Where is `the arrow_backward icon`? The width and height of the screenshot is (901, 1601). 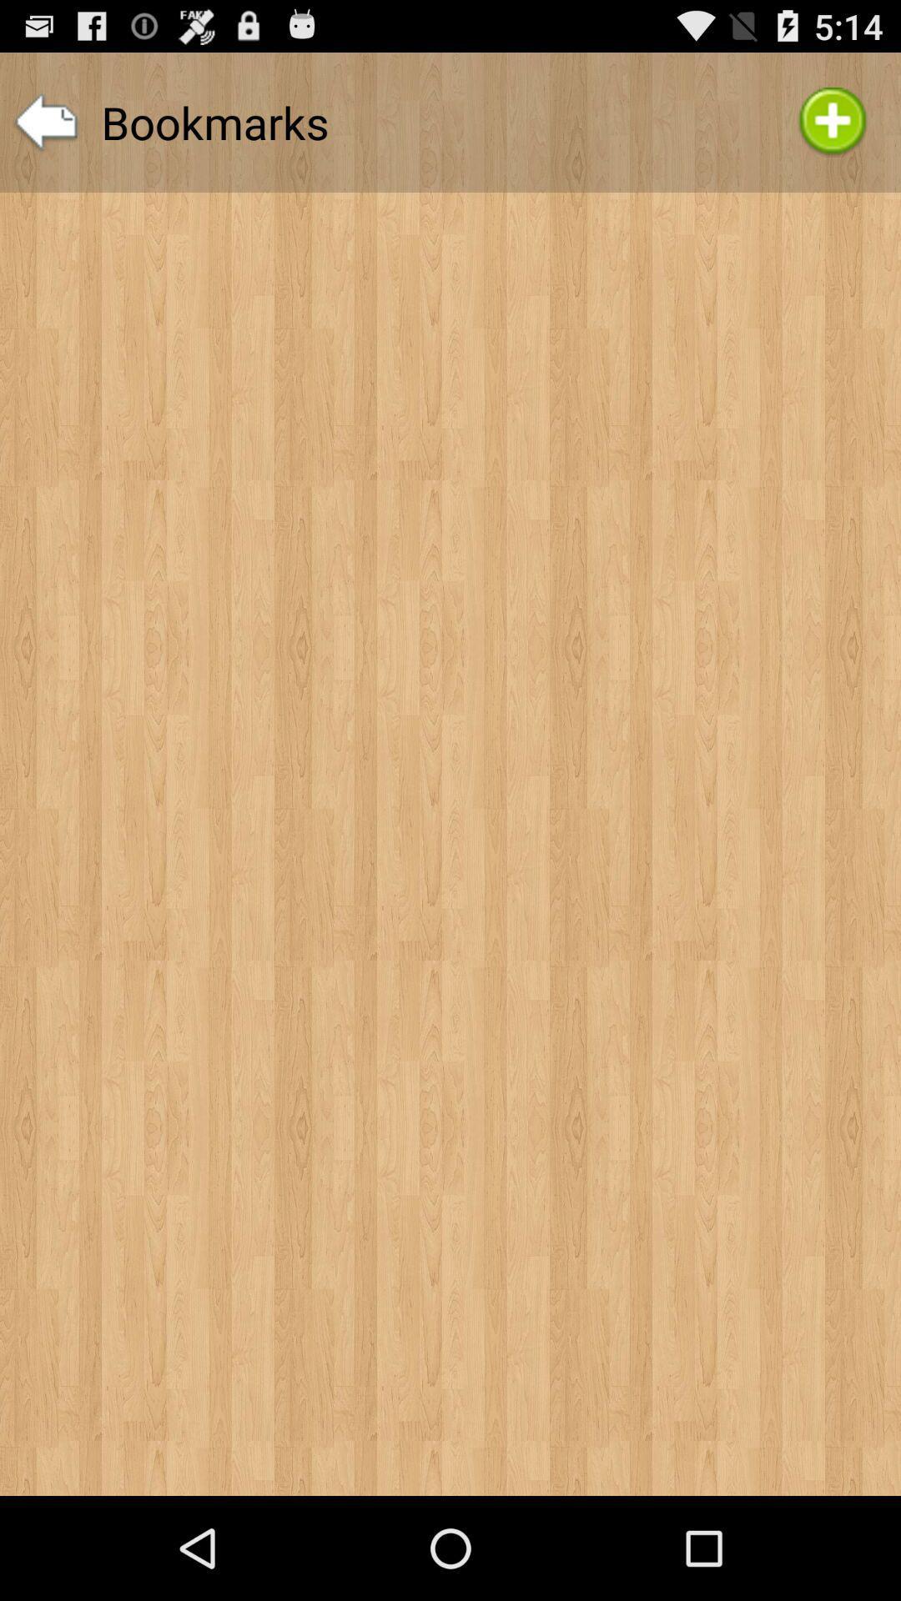 the arrow_backward icon is located at coordinates (45, 130).